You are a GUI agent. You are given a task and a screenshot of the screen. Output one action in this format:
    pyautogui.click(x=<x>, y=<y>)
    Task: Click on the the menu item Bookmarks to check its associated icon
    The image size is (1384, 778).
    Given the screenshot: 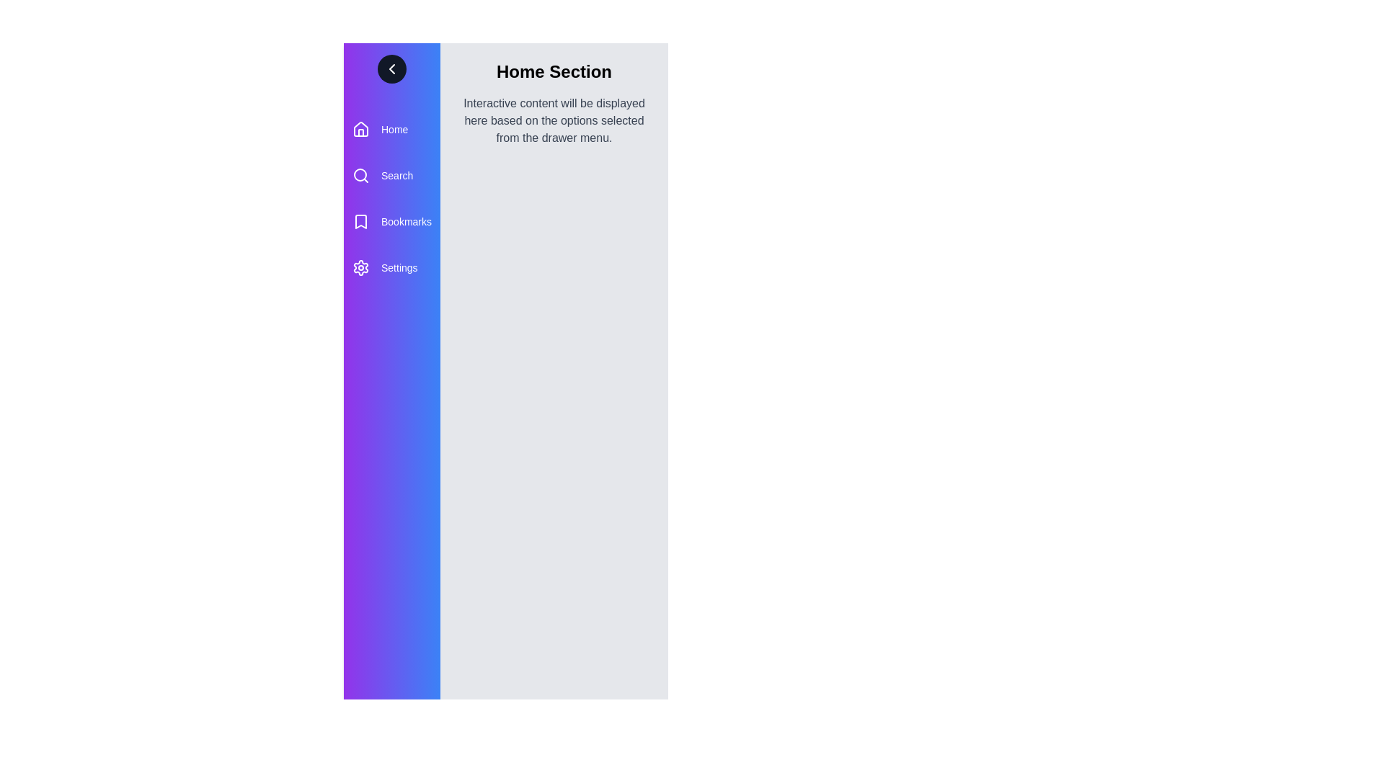 What is the action you would take?
    pyautogui.click(x=360, y=222)
    